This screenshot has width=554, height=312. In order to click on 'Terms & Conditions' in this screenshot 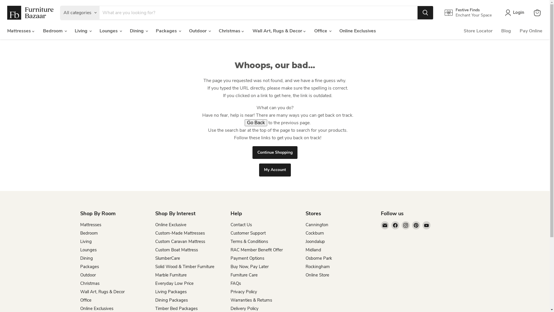, I will do `click(249, 242)`.